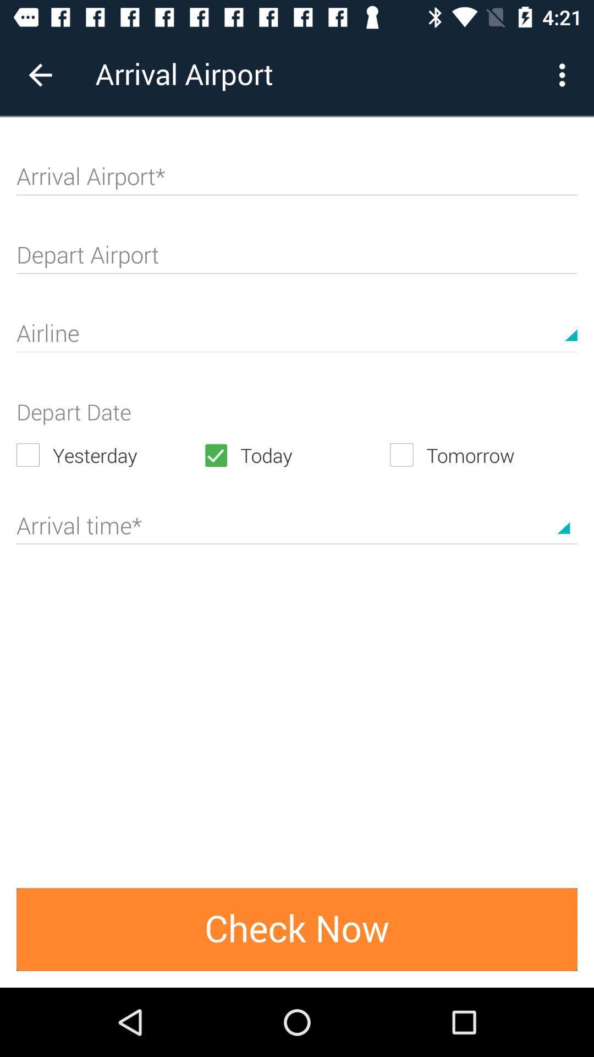 Image resolution: width=594 pixels, height=1057 pixels. What do you see at coordinates (40, 74) in the screenshot?
I see `the item next to arrival airport item` at bounding box center [40, 74].